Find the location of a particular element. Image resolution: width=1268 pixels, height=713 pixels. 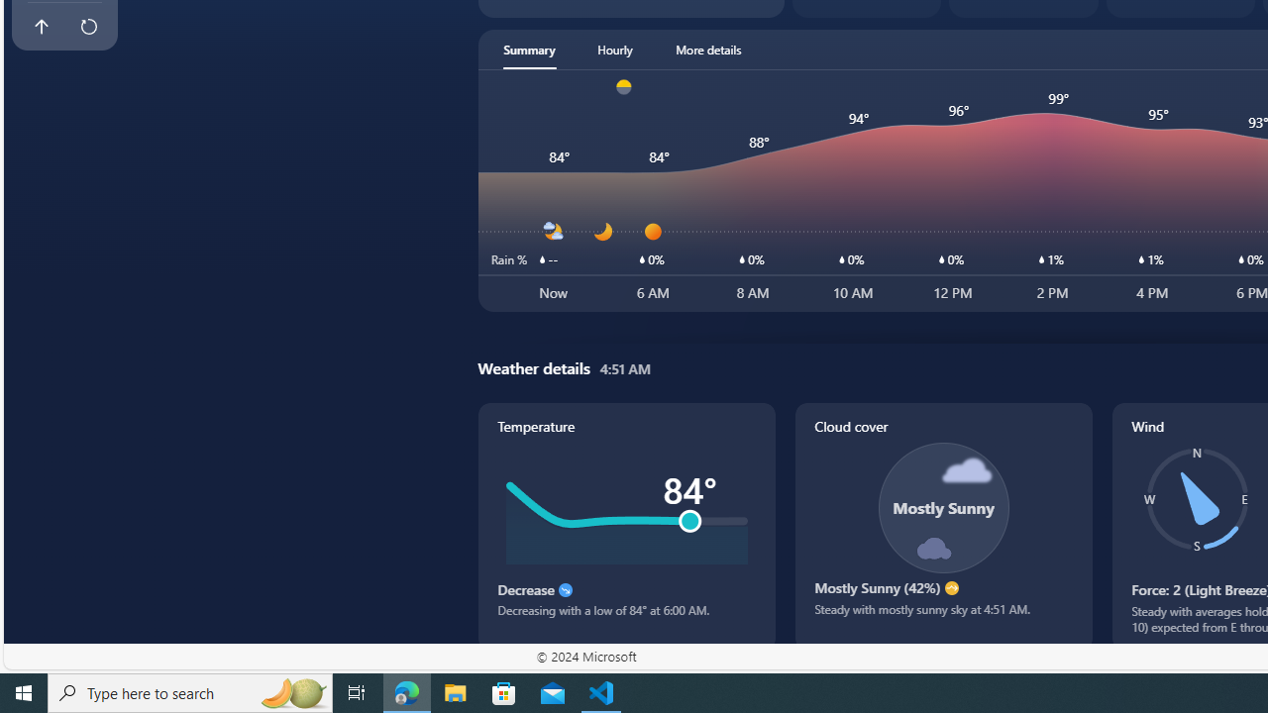

'Temperature' is located at coordinates (625, 525).